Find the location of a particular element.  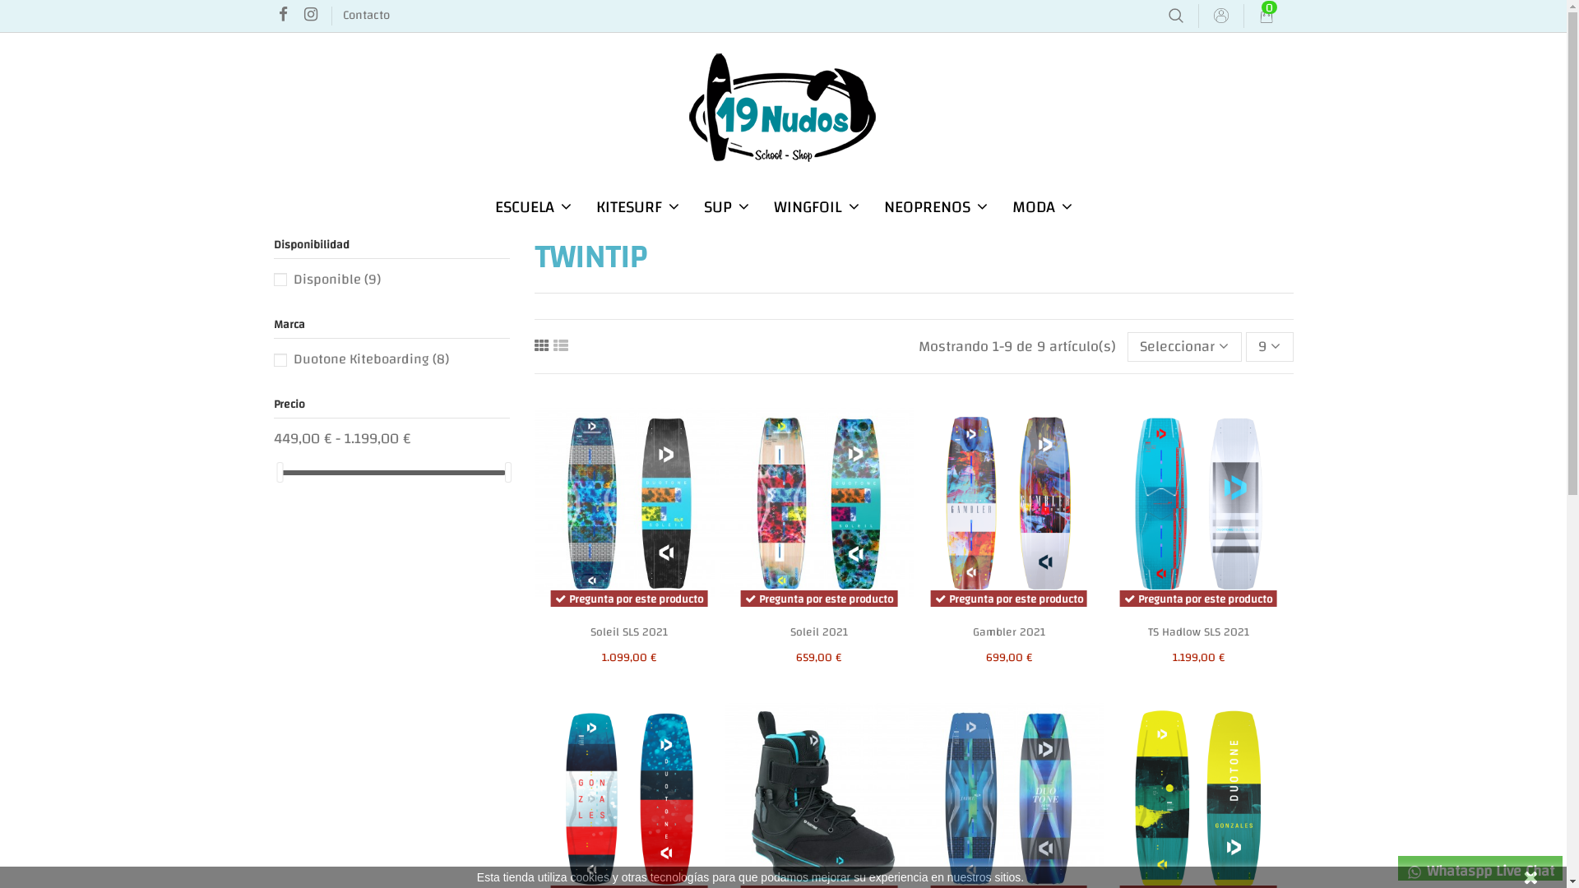

'MODA' is located at coordinates (1041, 206).